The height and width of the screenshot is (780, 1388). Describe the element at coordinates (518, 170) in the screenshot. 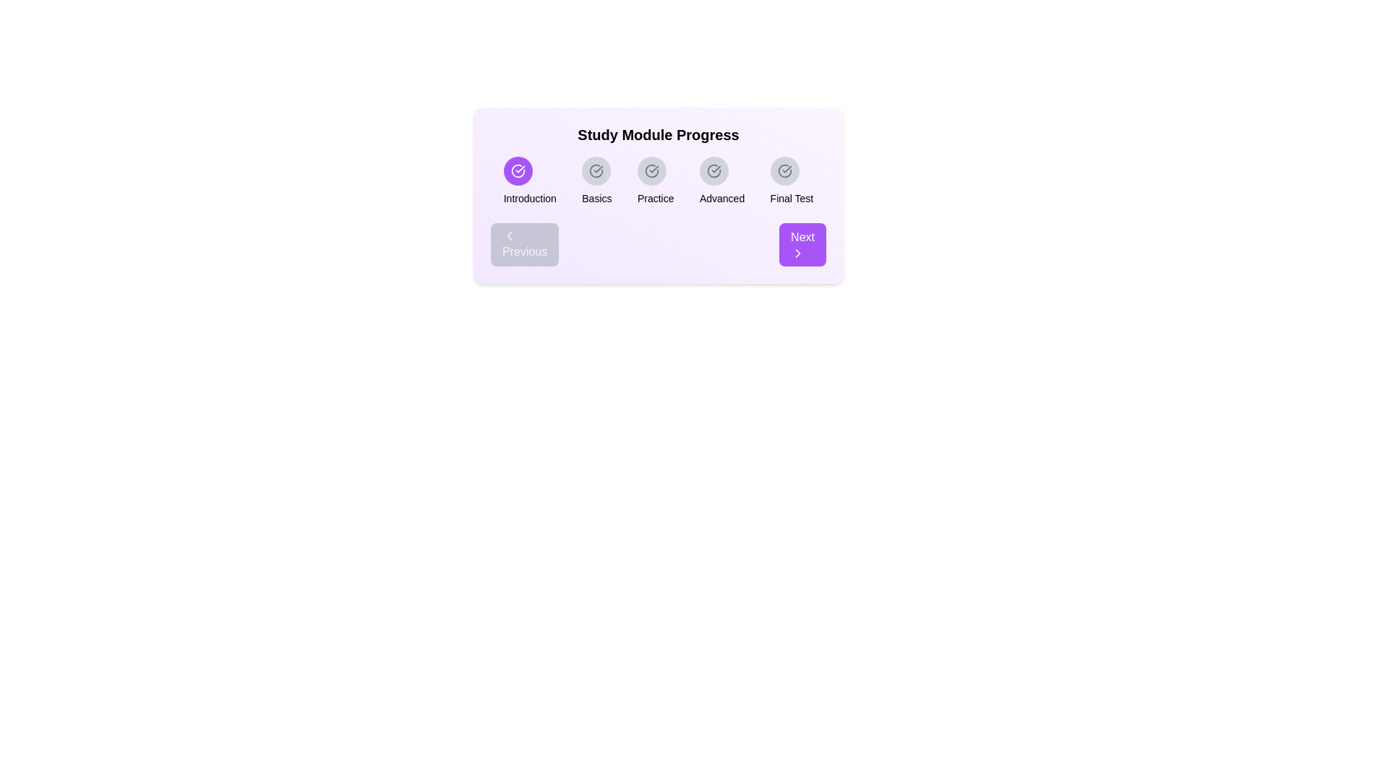

I see `the circular progress icon located in the leftmost circle of the progress visualization under the title 'Study Module Progress.'` at that location.